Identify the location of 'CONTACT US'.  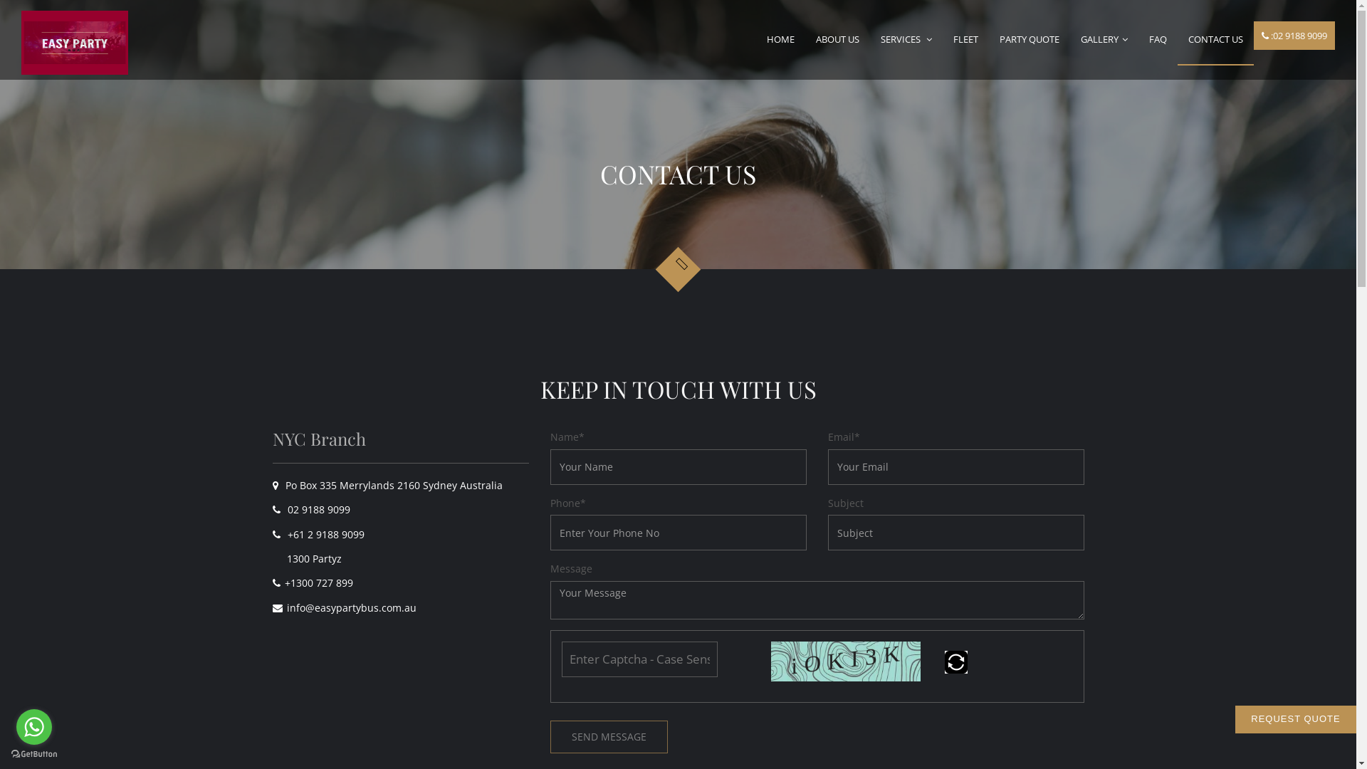
(1215, 38).